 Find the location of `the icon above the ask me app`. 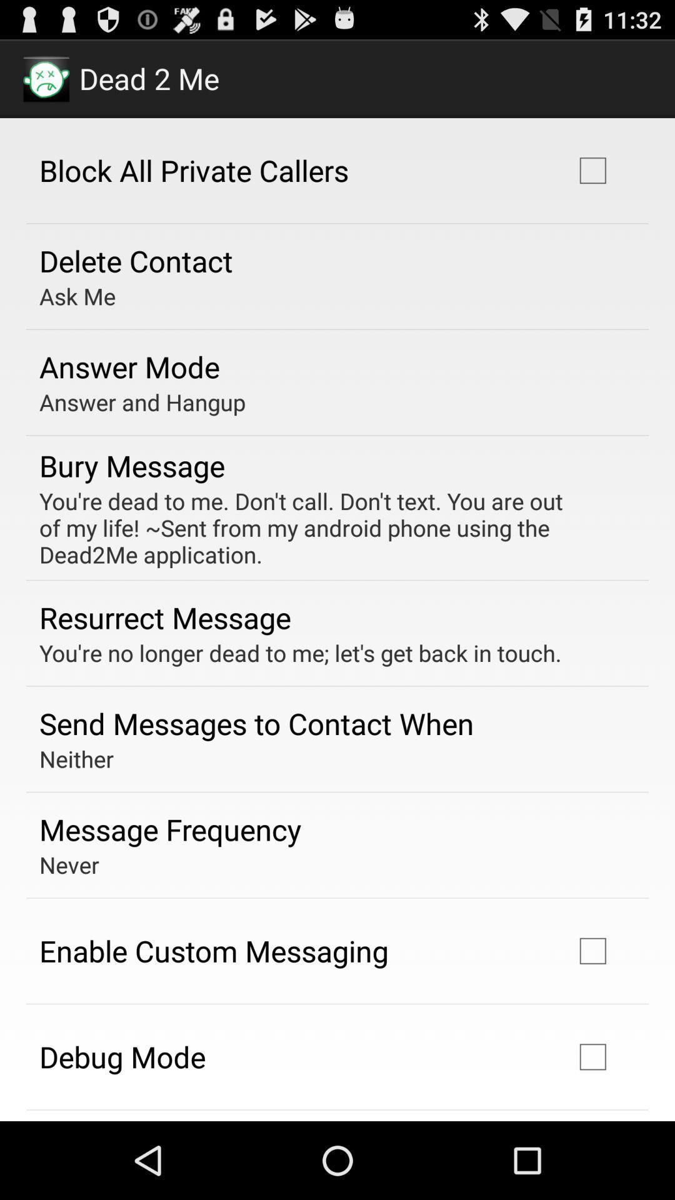

the icon above the ask me app is located at coordinates (136, 260).